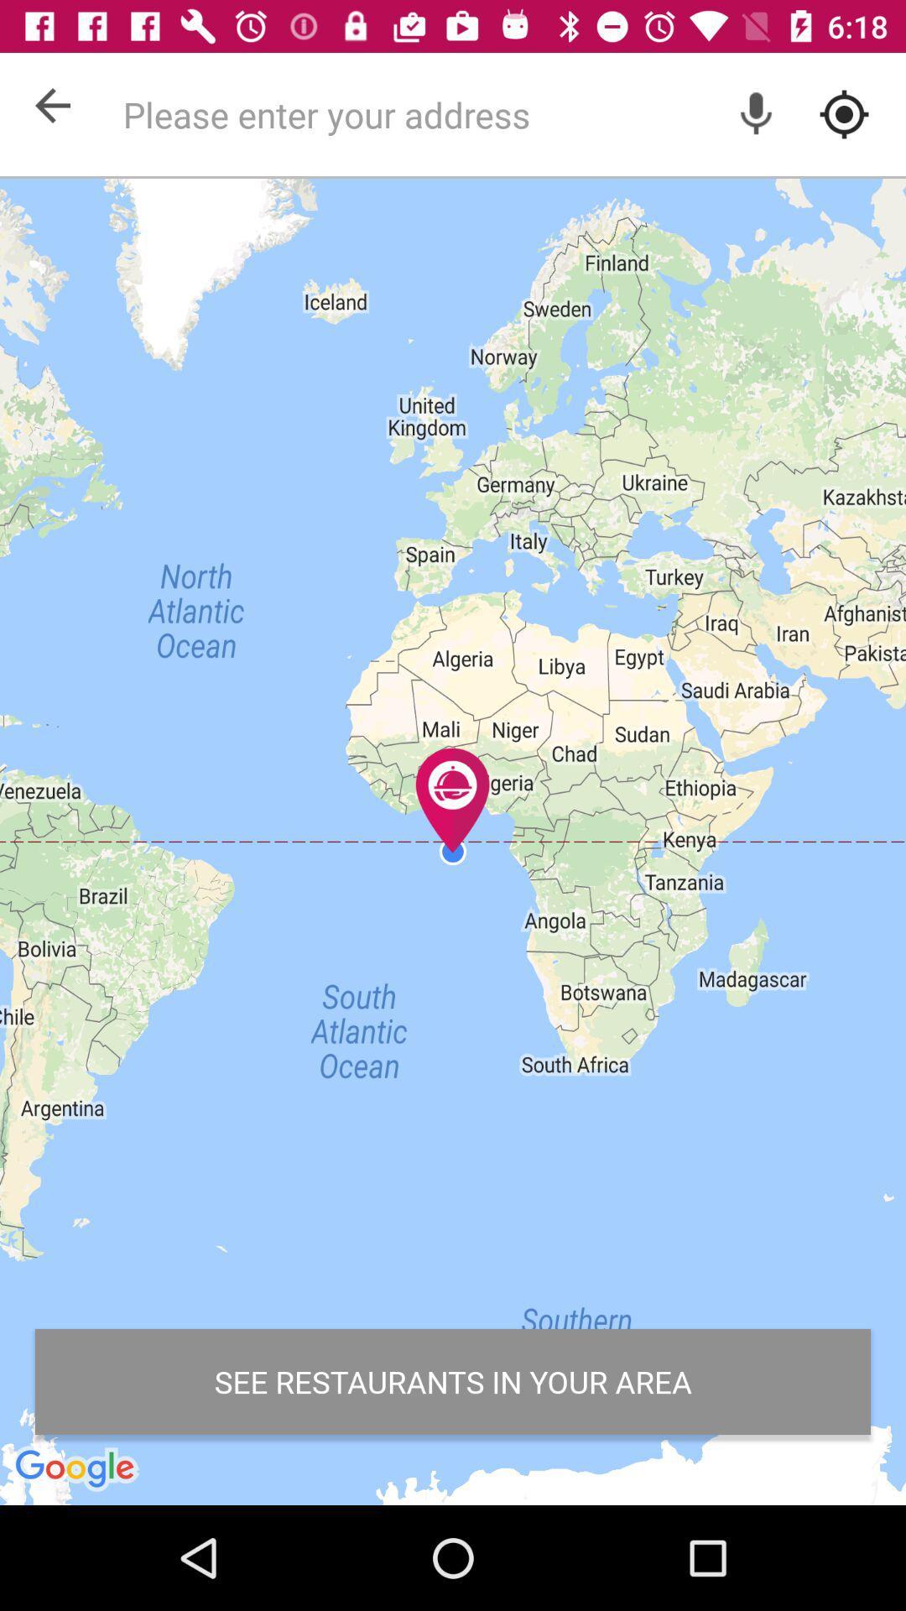 This screenshot has height=1611, width=906. Describe the element at coordinates (756, 113) in the screenshot. I see `record` at that location.